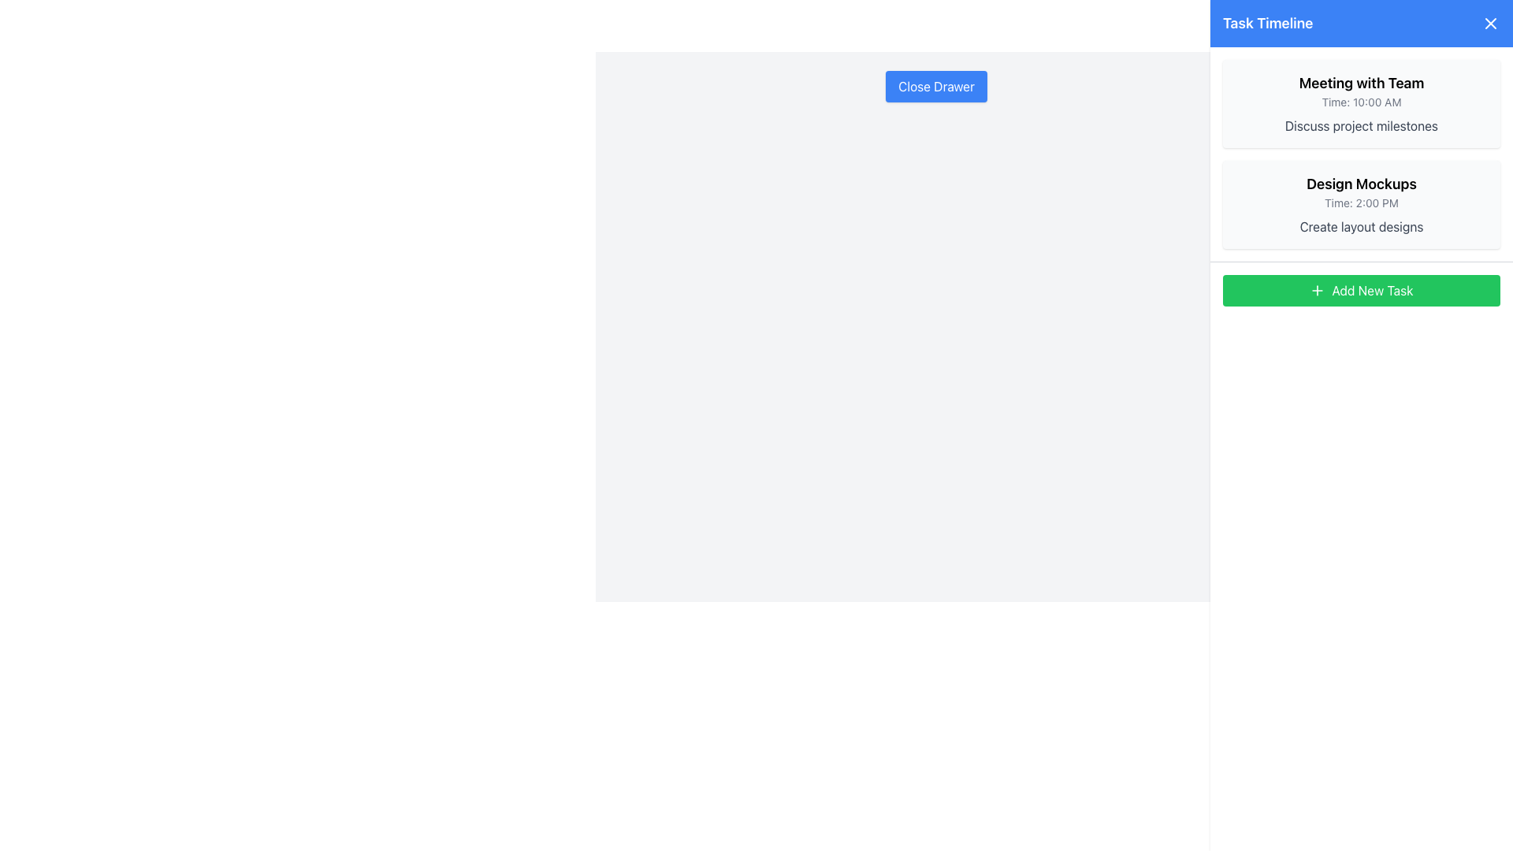 This screenshot has height=851, width=1513. I want to click on the plus icon within the green rectangular button labeled 'Add New Task' located in the bottom section of the 'Task Timeline' sidebar, so click(1318, 291).